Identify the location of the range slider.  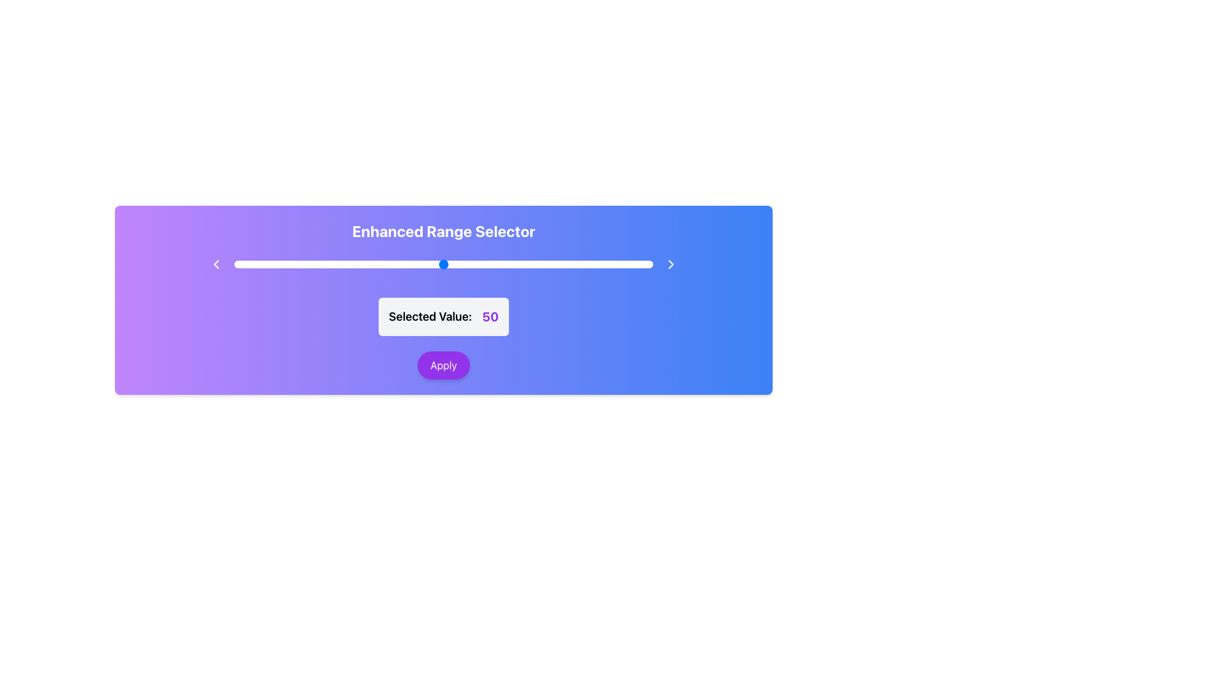
(557, 263).